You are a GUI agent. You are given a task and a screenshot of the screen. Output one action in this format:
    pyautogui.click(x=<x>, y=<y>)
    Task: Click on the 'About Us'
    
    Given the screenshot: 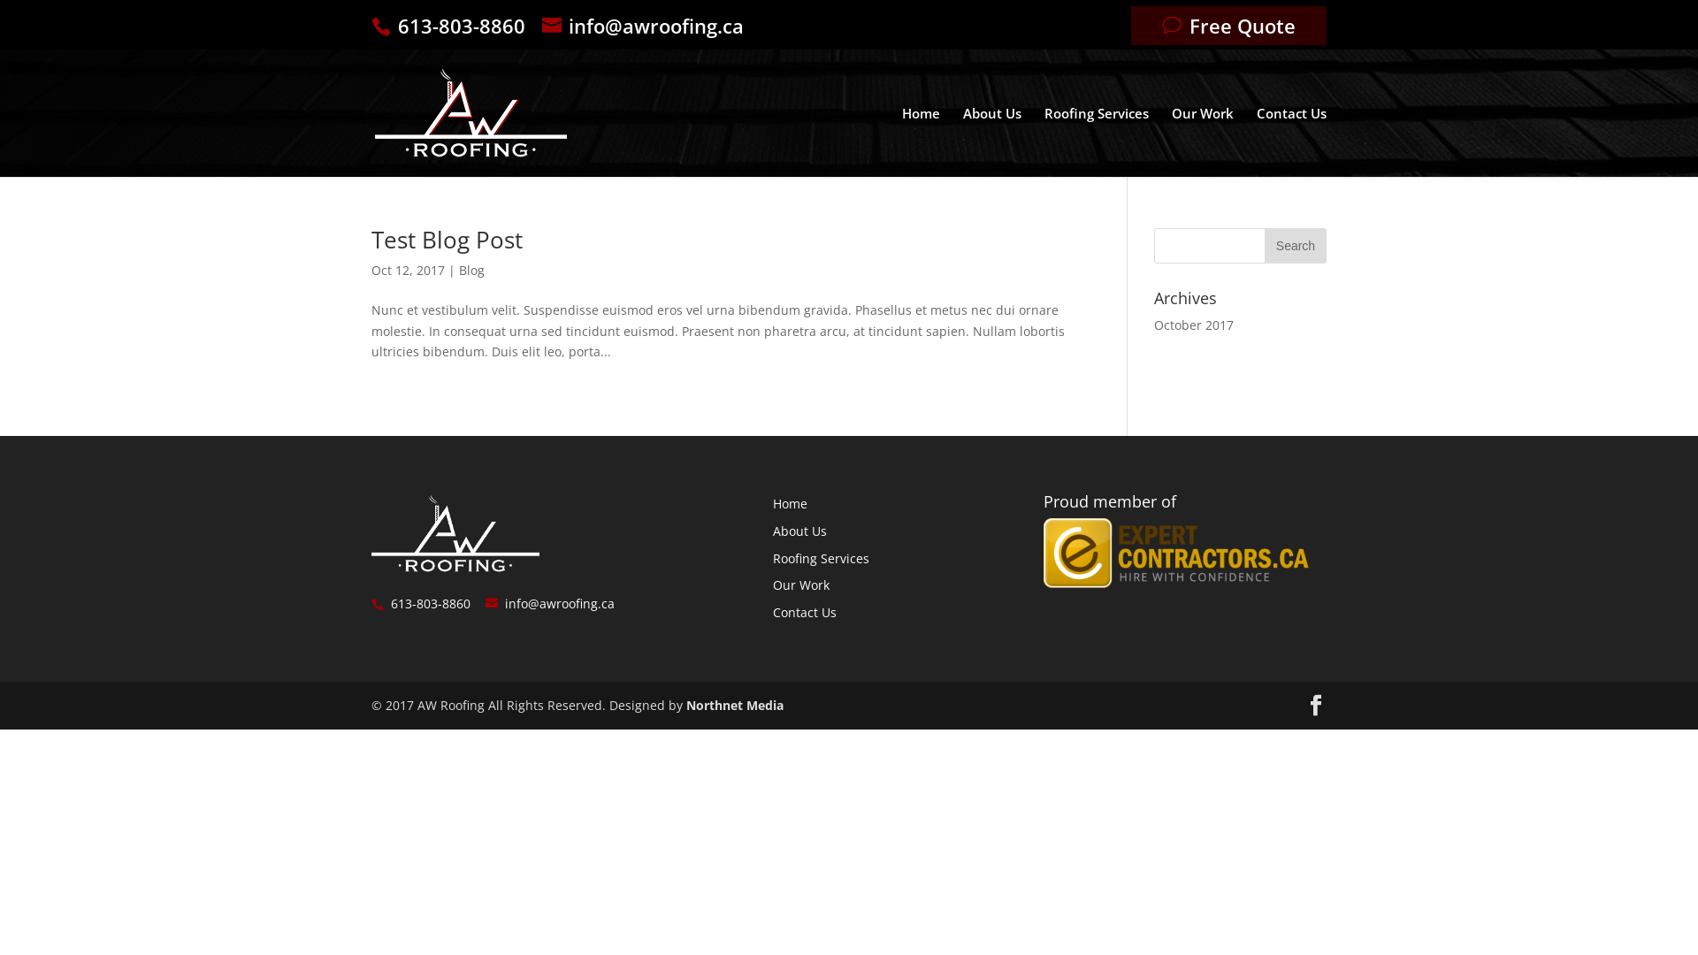 What is the action you would take?
    pyautogui.click(x=992, y=141)
    